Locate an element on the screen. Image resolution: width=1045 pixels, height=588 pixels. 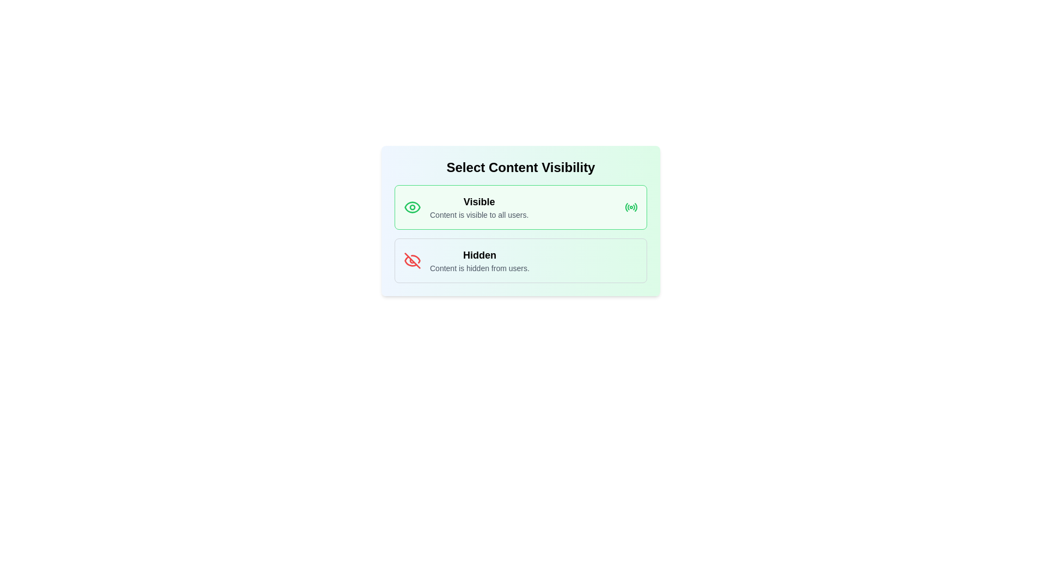
the 'Hidden' visibility option button located below the 'Visible' option in the vertical list of visibility states is located at coordinates (520, 260).